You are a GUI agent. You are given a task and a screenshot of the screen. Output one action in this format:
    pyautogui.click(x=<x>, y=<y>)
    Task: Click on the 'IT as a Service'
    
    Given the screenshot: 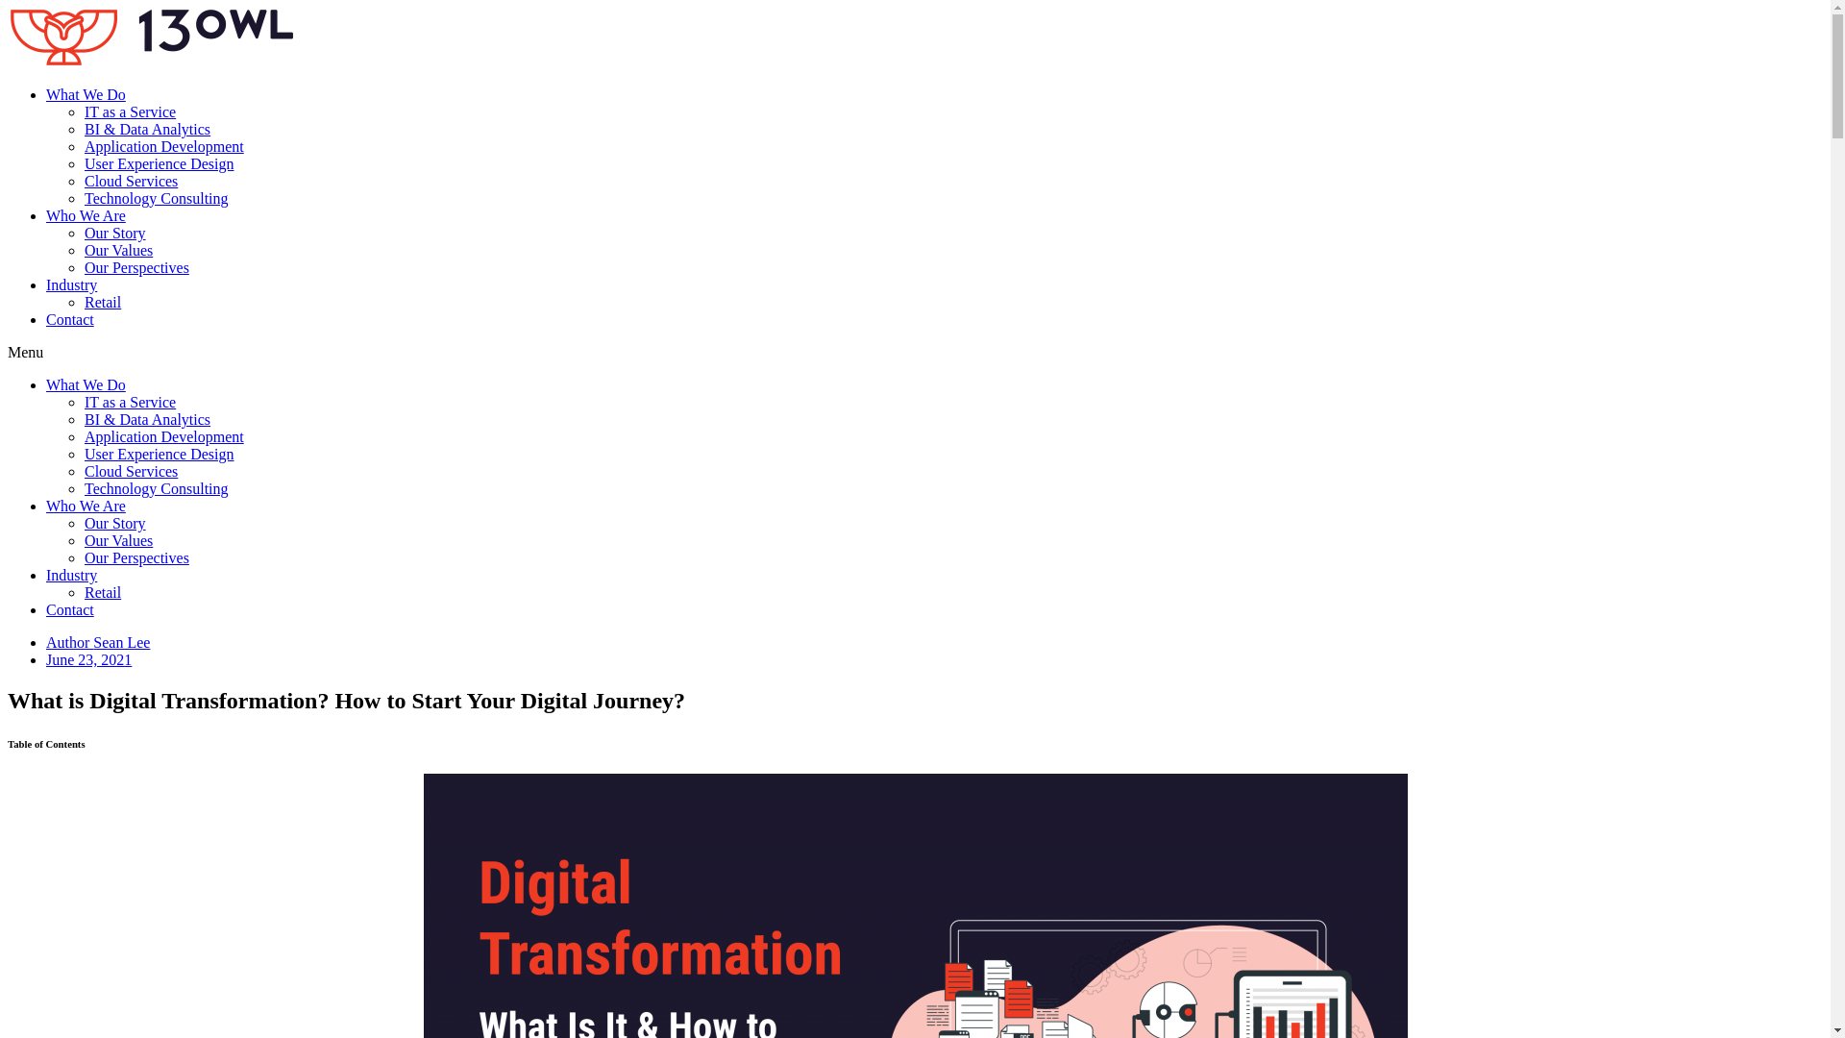 What is the action you would take?
    pyautogui.click(x=83, y=401)
    